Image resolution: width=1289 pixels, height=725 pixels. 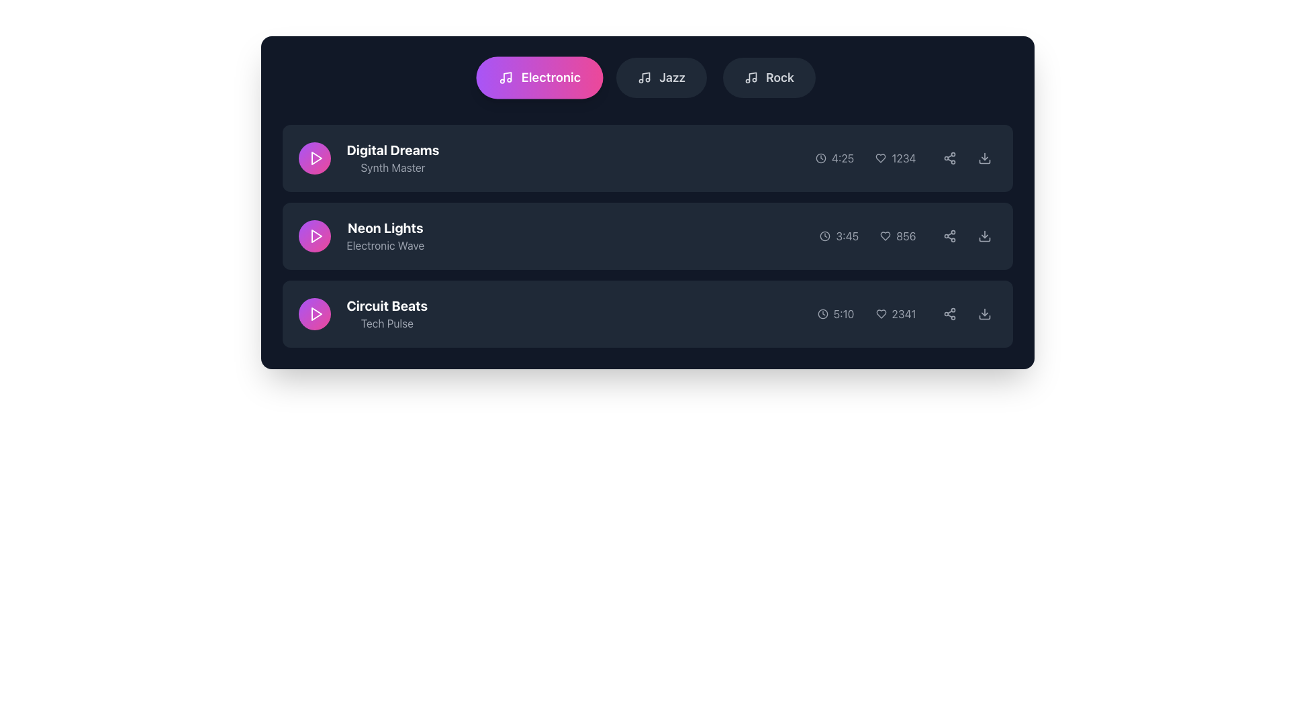 I want to click on the heart icon located to the left of the numeric text '856', so click(x=886, y=235).